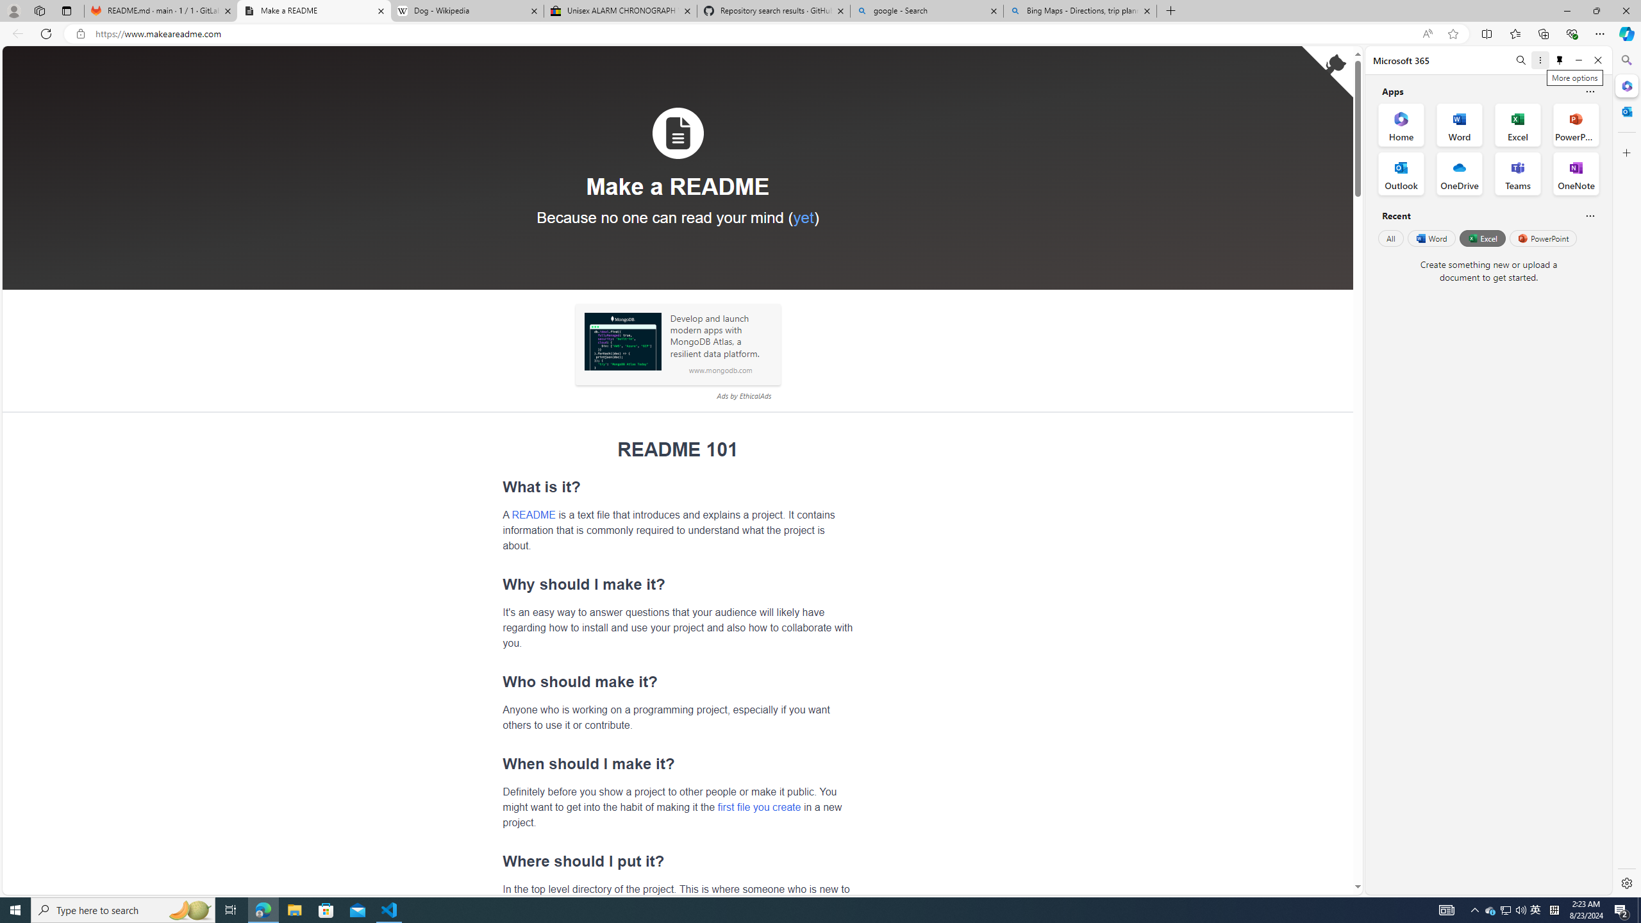 Image resolution: width=1641 pixels, height=923 pixels. Describe the element at coordinates (743, 395) in the screenshot. I see `'Ads by EthicalAds'` at that location.